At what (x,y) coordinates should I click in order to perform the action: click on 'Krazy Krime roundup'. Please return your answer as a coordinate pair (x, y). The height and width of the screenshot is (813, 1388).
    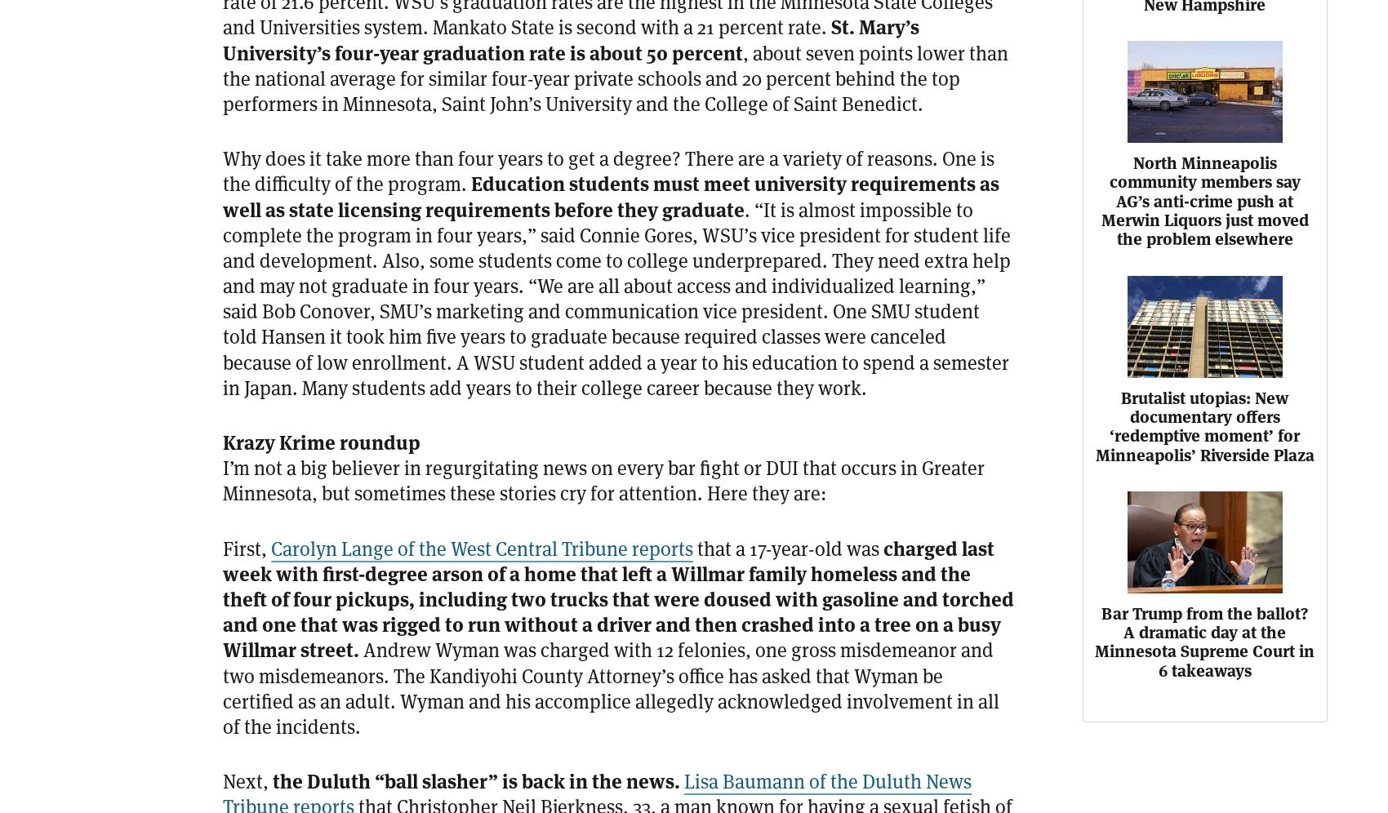
    Looking at the image, I should click on (321, 442).